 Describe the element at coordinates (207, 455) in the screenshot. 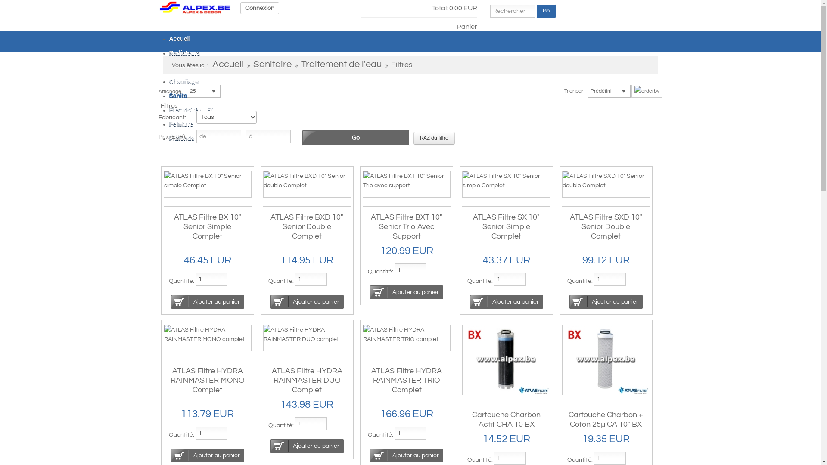

I see `'Ajouter au panier'` at that location.